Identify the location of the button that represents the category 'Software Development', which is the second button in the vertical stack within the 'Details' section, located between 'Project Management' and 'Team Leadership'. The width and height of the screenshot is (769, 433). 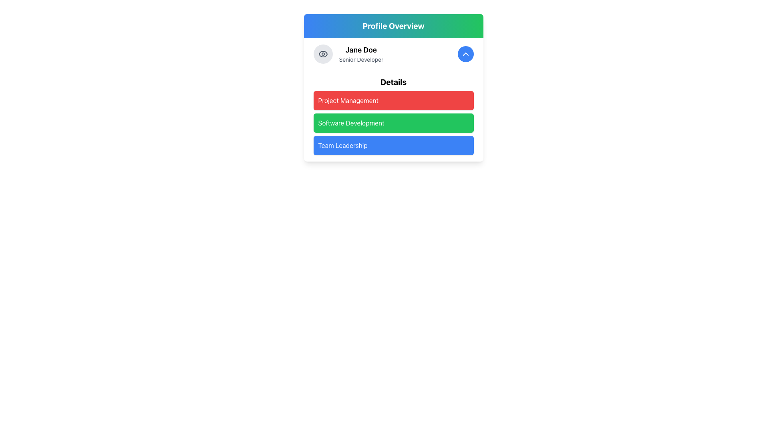
(393, 116).